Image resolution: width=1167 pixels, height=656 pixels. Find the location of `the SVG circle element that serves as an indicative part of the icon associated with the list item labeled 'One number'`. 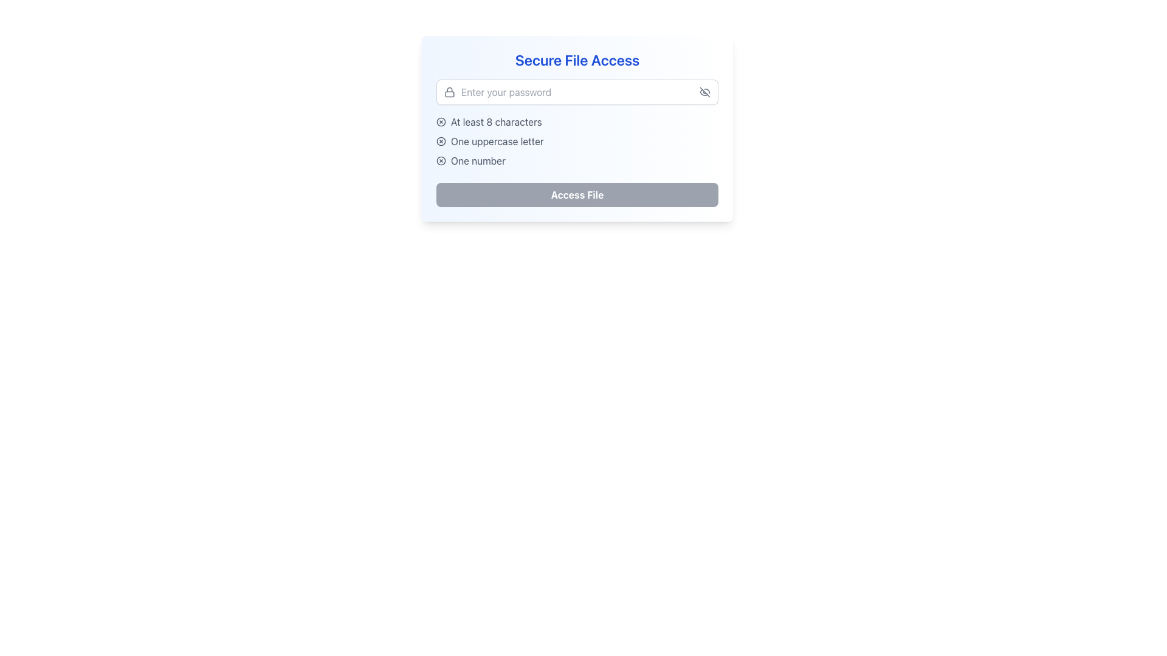

the SVG circle element that serves as an indicative part of the icon associated with the list item labeled 'One number' is located at coordinates (440, 160).